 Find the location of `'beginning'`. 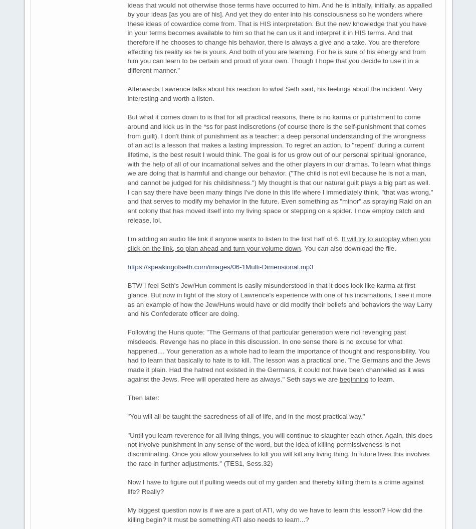

'beginning' is located at coordinates (354, 379).